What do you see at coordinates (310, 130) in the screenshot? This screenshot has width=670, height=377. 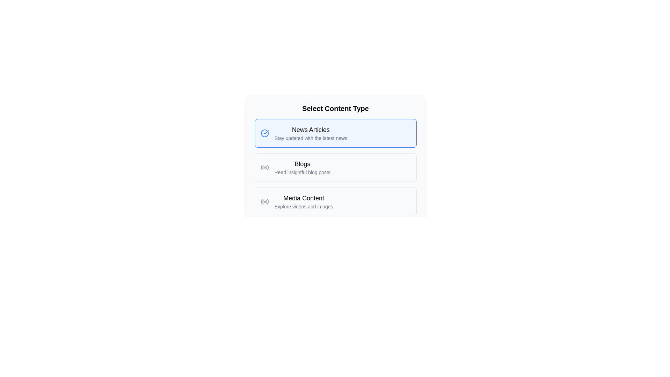 I see `text label 'News Articles' which is the top text in the content option box below 'Select Content Type'` at bounding box center [310, 130].